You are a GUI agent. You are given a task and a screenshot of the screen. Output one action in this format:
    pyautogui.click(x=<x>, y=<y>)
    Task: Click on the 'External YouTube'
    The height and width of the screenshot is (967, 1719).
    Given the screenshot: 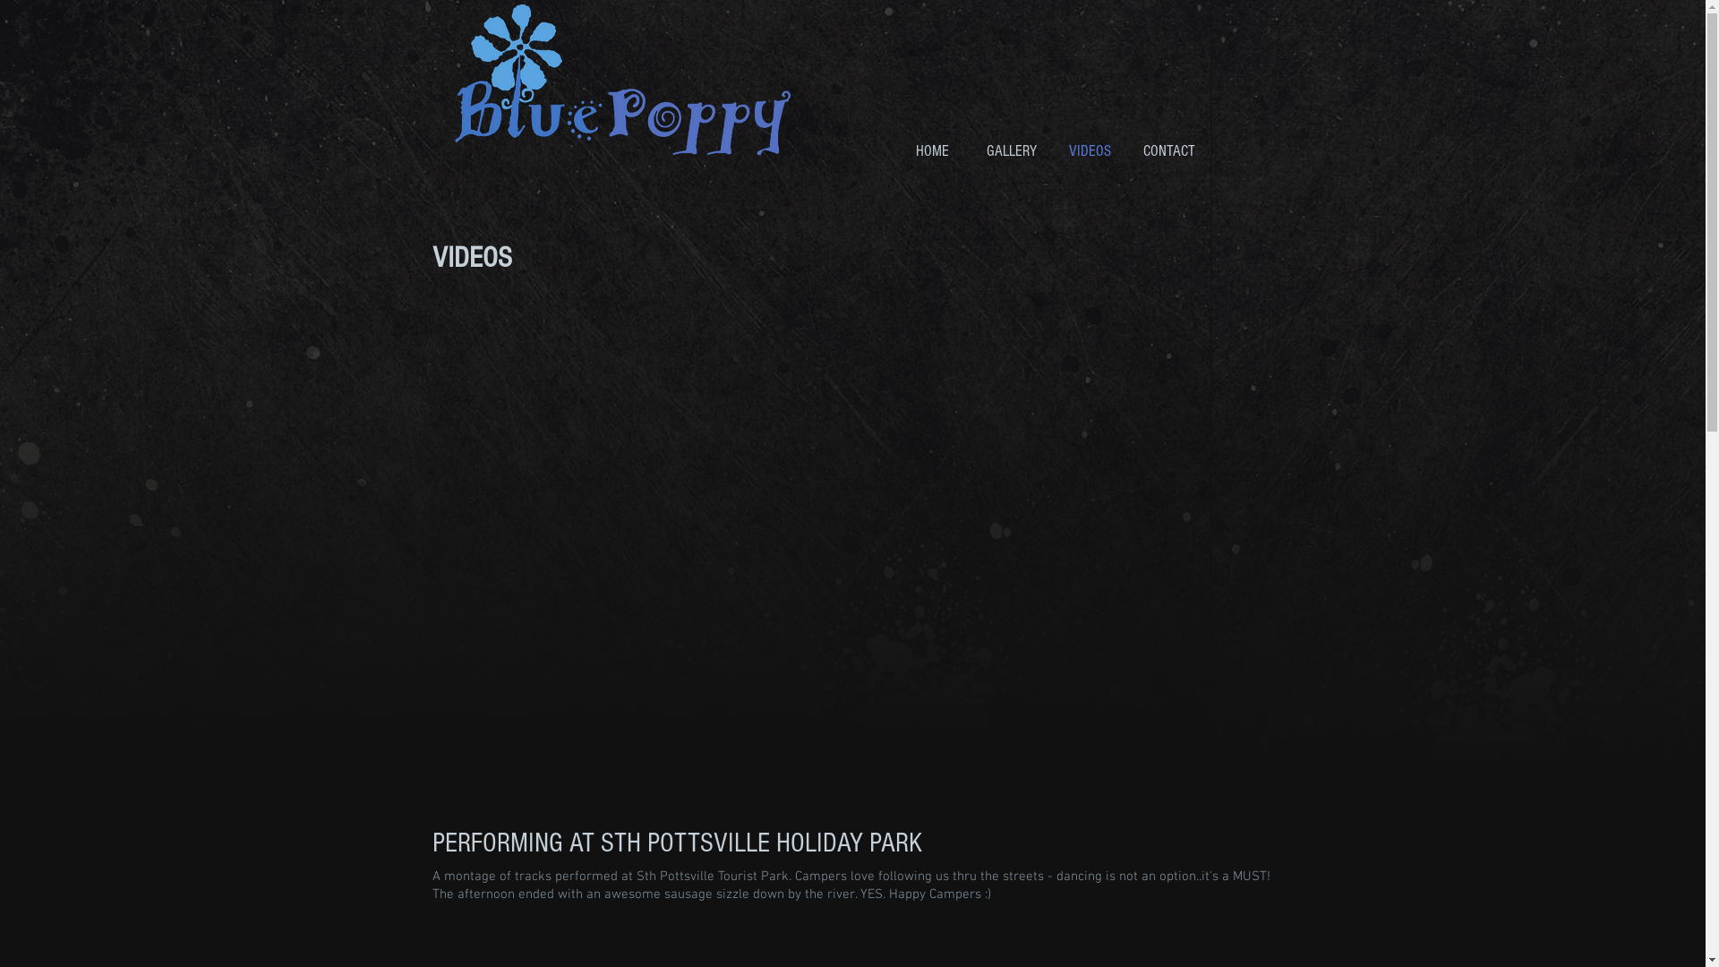 What is the action you would take?
    pyautogui.click(x=851, y=549)
    